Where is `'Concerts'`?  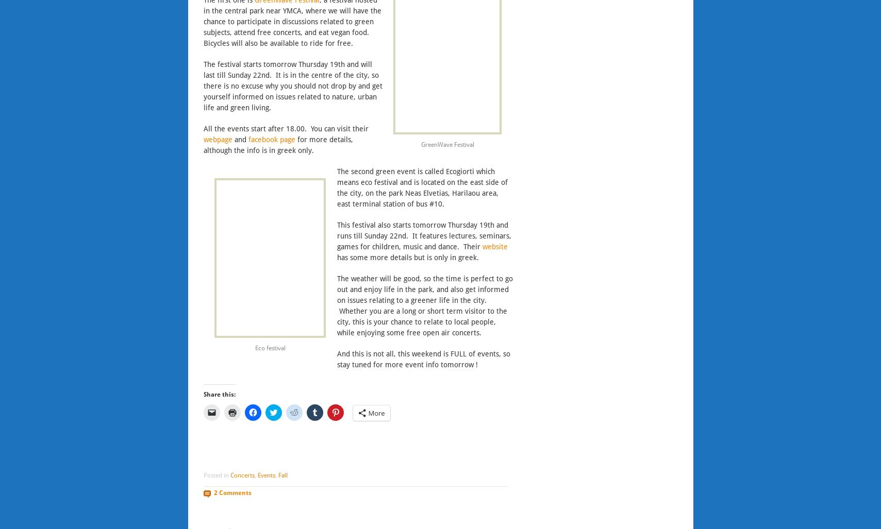 'Concerts' is located at coordinates (241, 475).